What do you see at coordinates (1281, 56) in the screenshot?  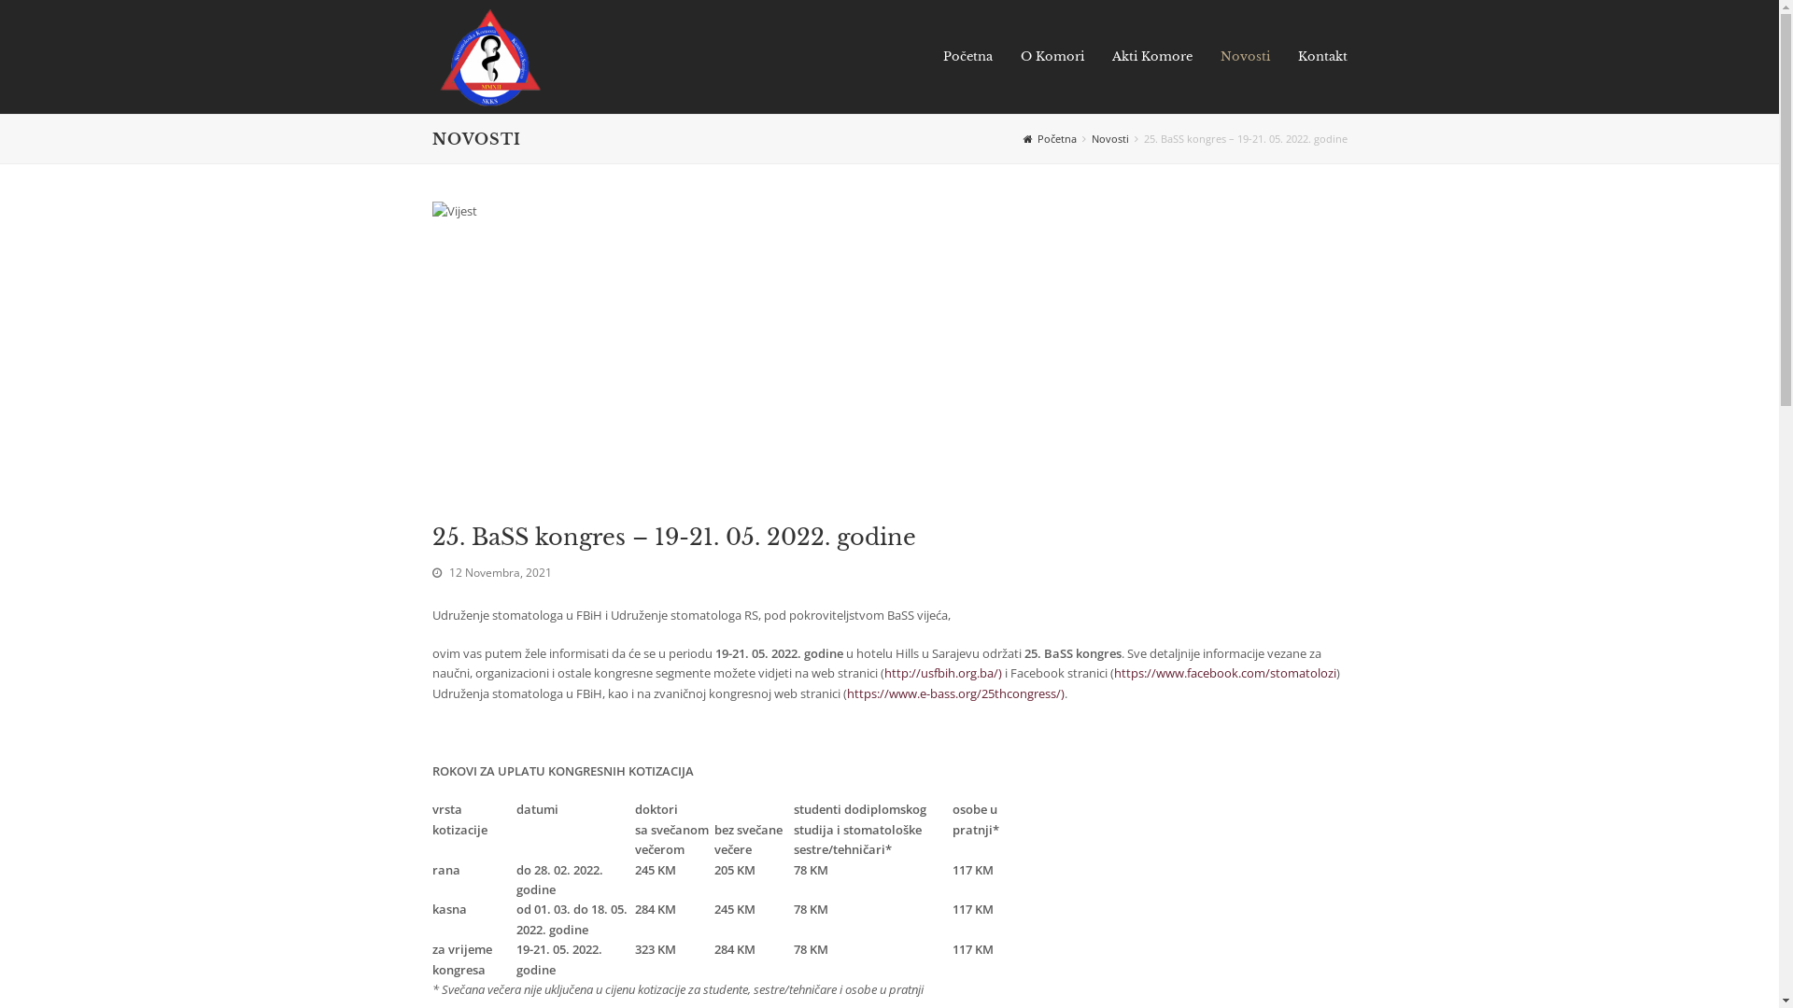 I see `'Kontakt'` at bounding box center [1281, 56].